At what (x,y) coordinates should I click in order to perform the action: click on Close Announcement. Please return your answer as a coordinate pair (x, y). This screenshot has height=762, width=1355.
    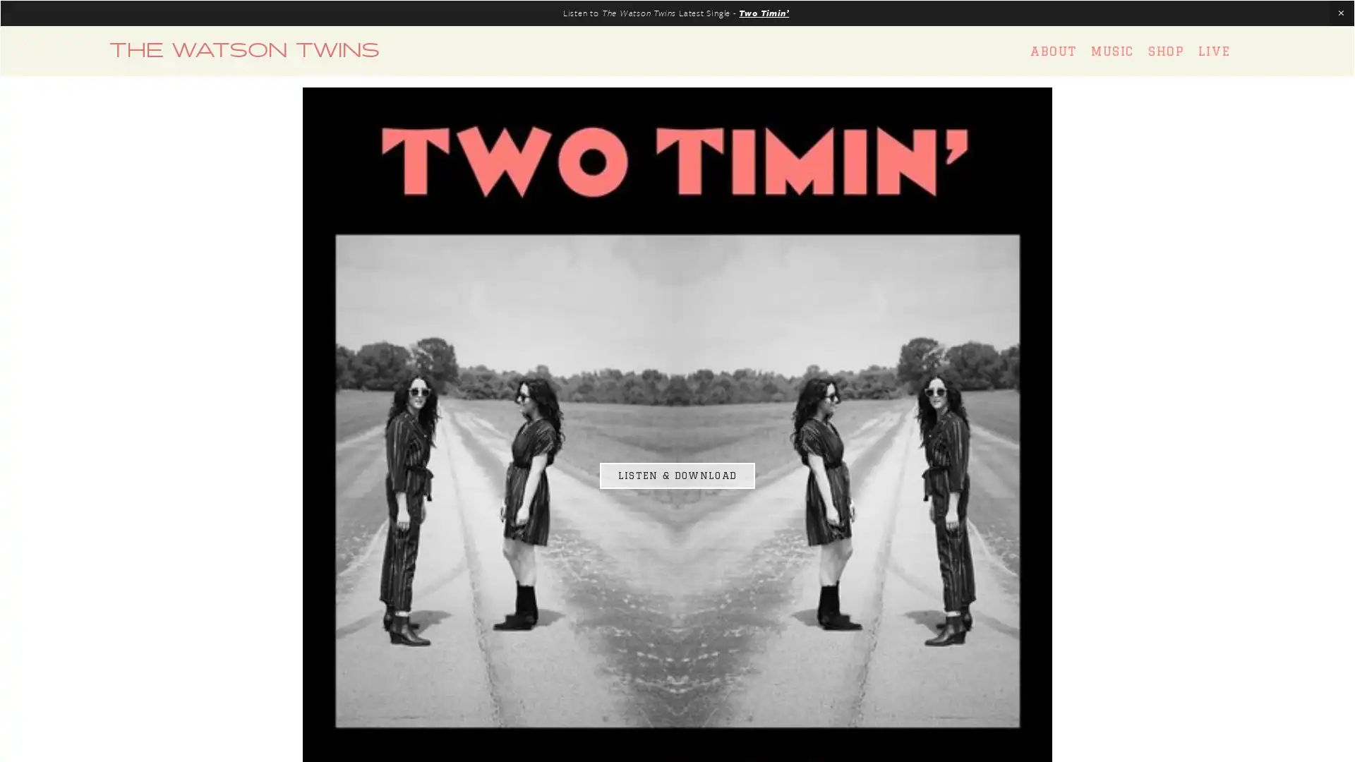
    Looking at the image, I should click on (1340, 13).